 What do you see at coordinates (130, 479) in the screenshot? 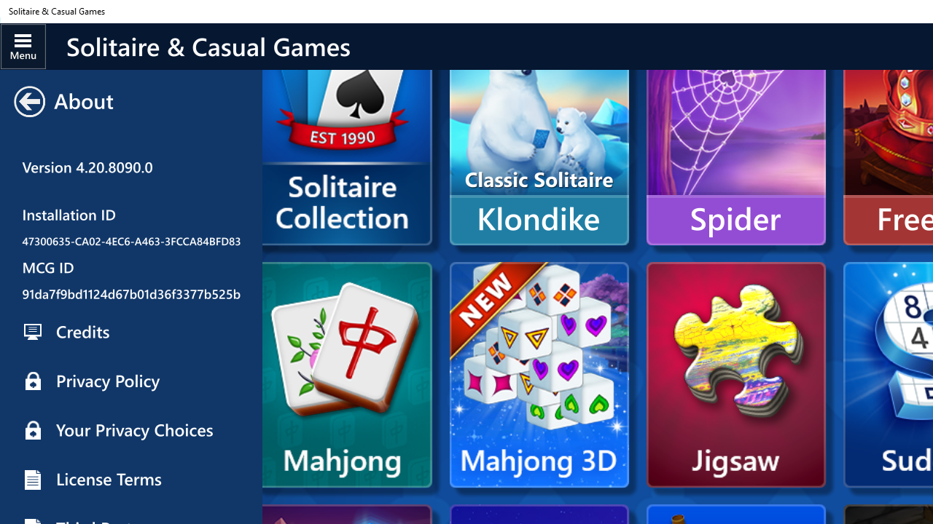
I see `'License Terms'` at bounding box center [130, 479].